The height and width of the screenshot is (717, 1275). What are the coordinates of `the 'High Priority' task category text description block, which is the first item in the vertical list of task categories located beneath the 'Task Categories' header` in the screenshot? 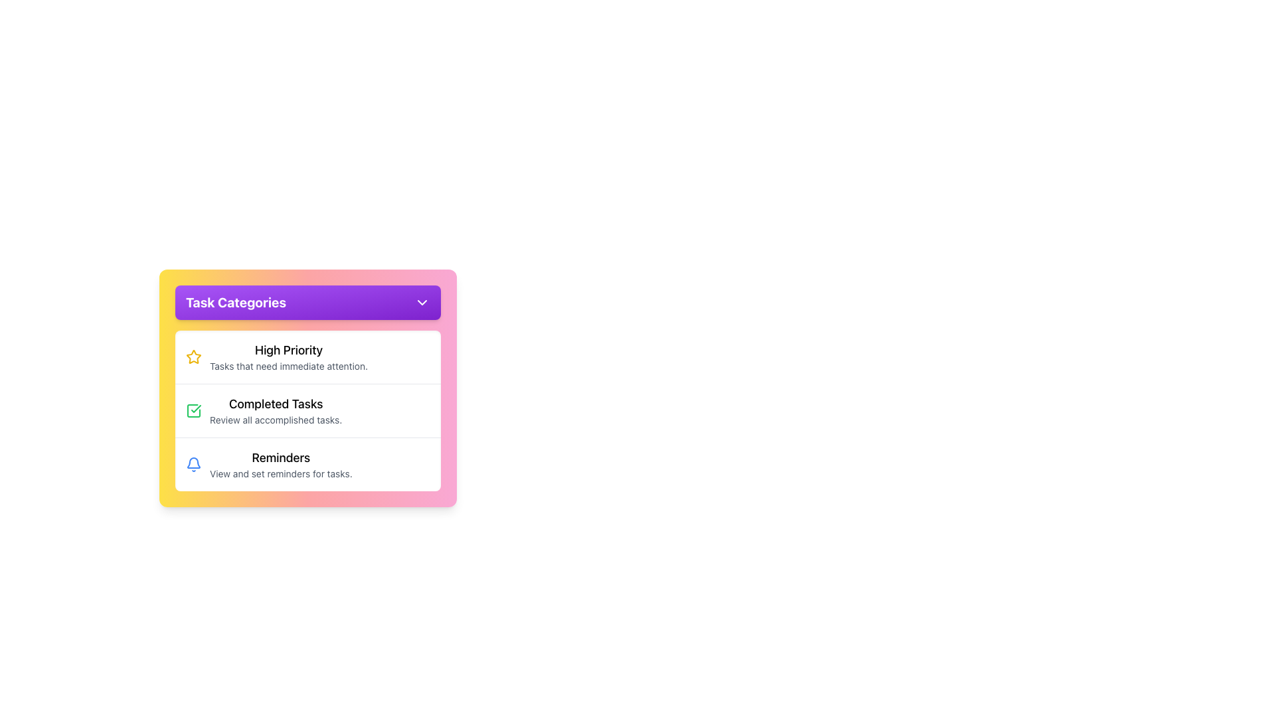 It's located at (288, 356).